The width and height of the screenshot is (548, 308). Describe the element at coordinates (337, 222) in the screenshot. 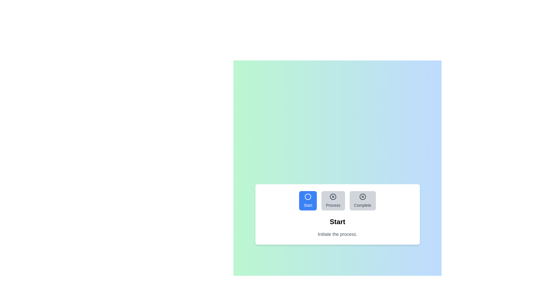

I see `the bold, large-sized text displaying 'Start', which is centered horizontally near the bottom of a white rectangular panel` at that location.